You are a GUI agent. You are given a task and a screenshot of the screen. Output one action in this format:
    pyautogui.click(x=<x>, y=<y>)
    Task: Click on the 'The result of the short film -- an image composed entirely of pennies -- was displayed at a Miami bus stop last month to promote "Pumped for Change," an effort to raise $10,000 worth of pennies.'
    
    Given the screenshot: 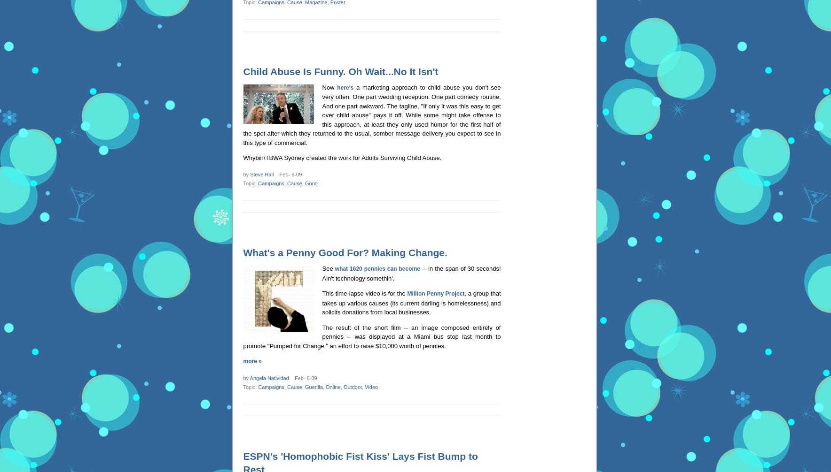 What is the action you would take?
    pyautogui.click(x=372, y=336)
    